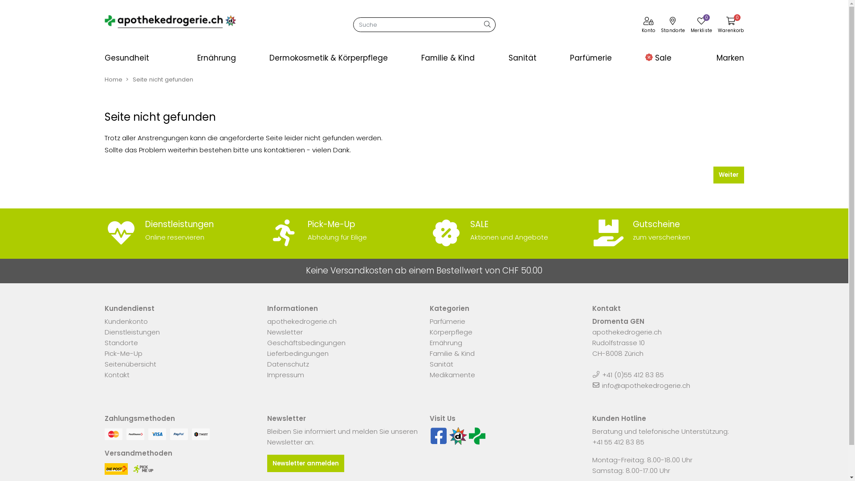 The height and width of the screenshot is (481, 855). What do you see at coordinates (113, 79) in the screenshot?
I see `'Home'` at bounding box center [113, 79].